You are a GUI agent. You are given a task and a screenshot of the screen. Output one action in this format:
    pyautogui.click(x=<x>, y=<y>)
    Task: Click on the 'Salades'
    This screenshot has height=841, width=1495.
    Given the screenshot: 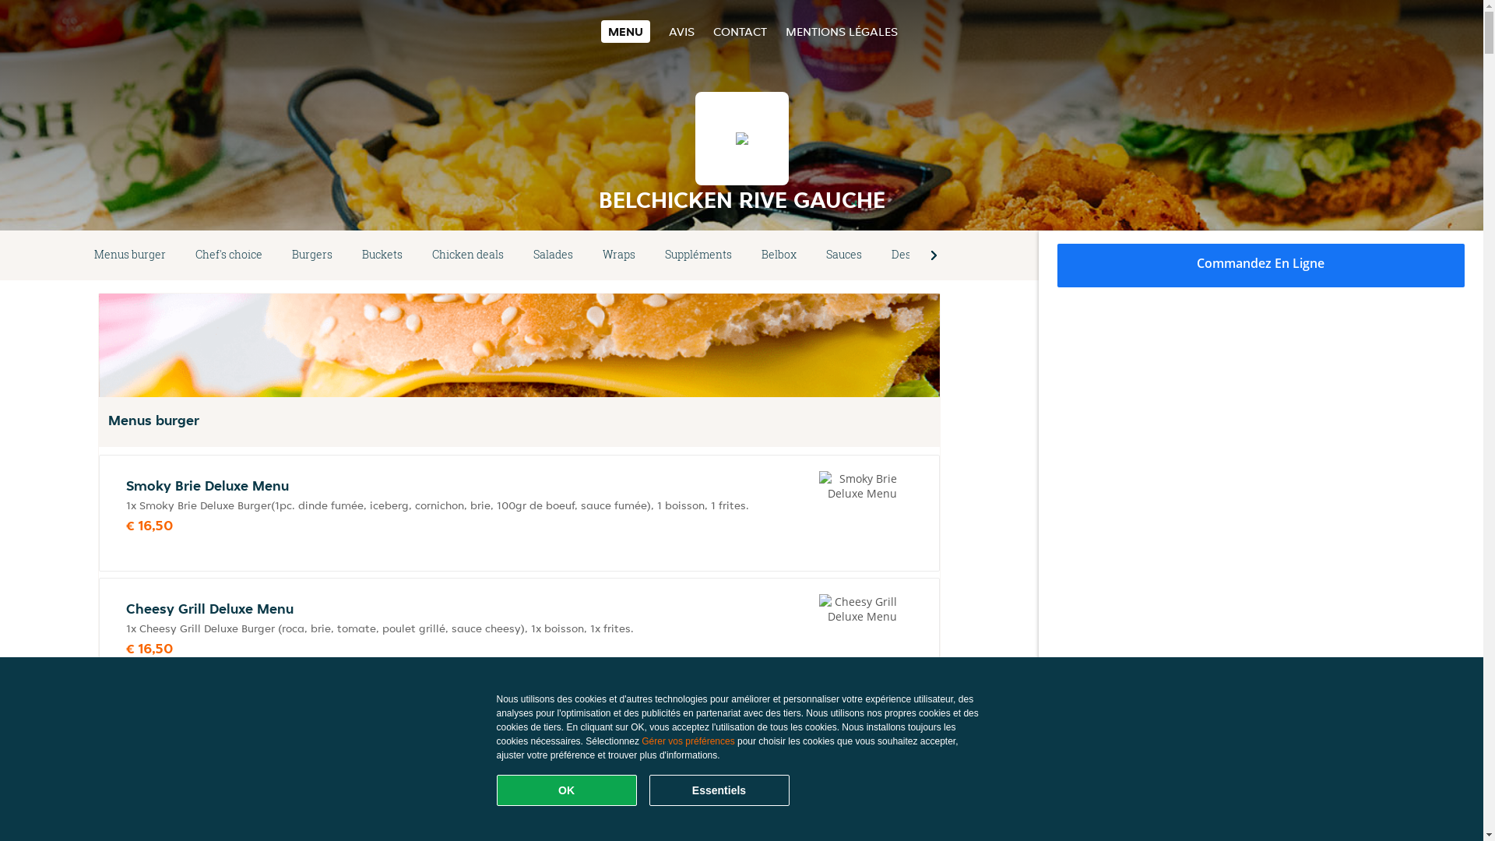 What is the action you would take?
    pyautogui.click(x=519, y=254)
    